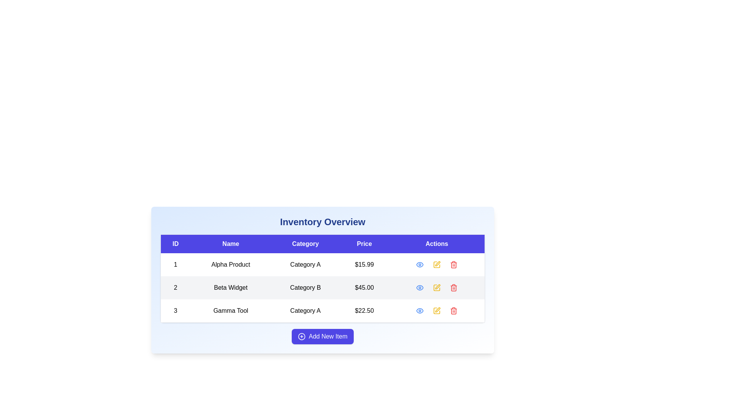  Describe the element at coordinates (437, 264) in the screenshot. I see `the edit icon button, which resembles a pen inside a square, located in the 'Actions' column of the second row of the inventory table` at that location.